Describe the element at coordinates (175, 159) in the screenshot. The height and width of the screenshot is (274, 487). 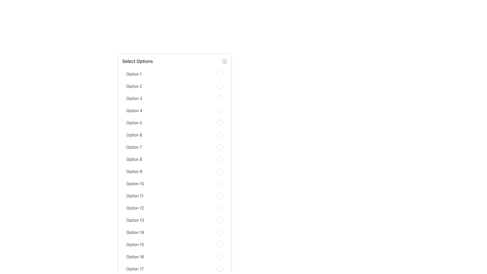
I see `the radio button option, which is the eighth option in a vertically stacked list of options` at that location.